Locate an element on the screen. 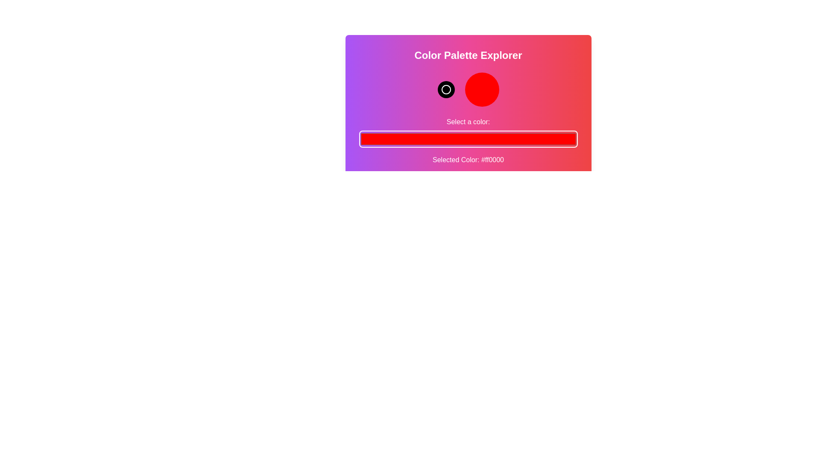 Image resolution: width=820 pixels, height=461 pixels. the color picker to a specific color value 16281080 is located at coordinates (468, 139).